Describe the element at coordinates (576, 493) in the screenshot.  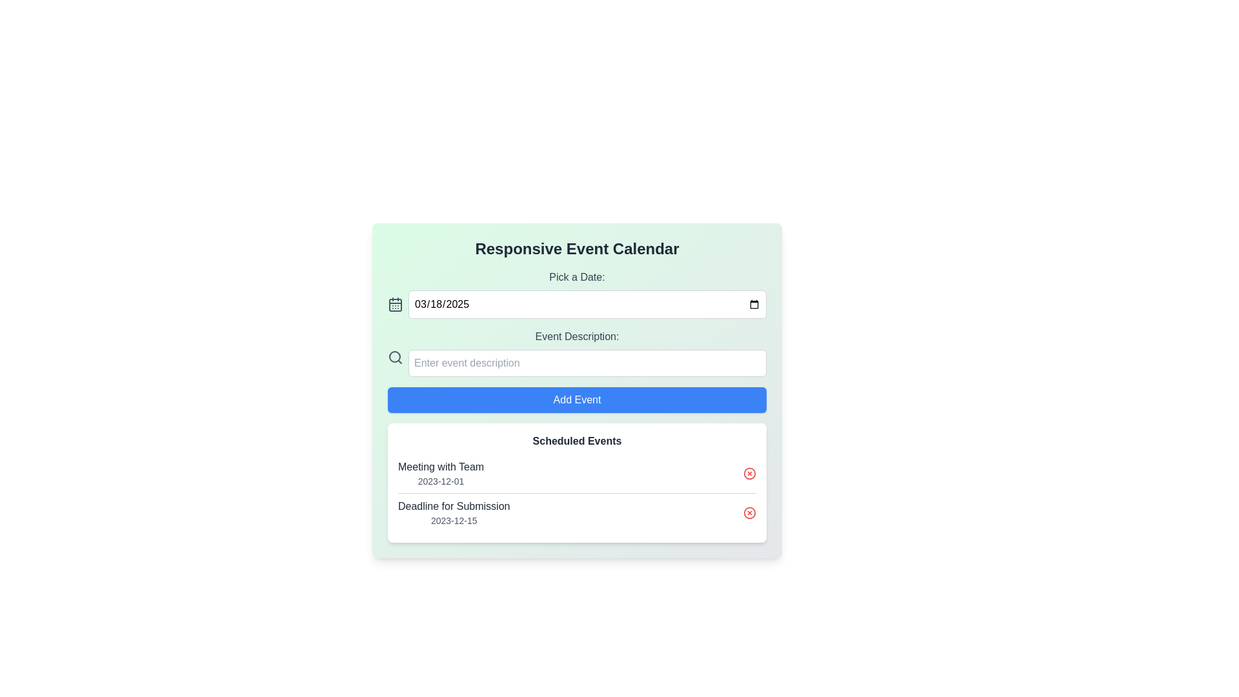
I see `the List of scheduled events located in the 'Scheduled Events' section below the 'Add Event' button` at that location.